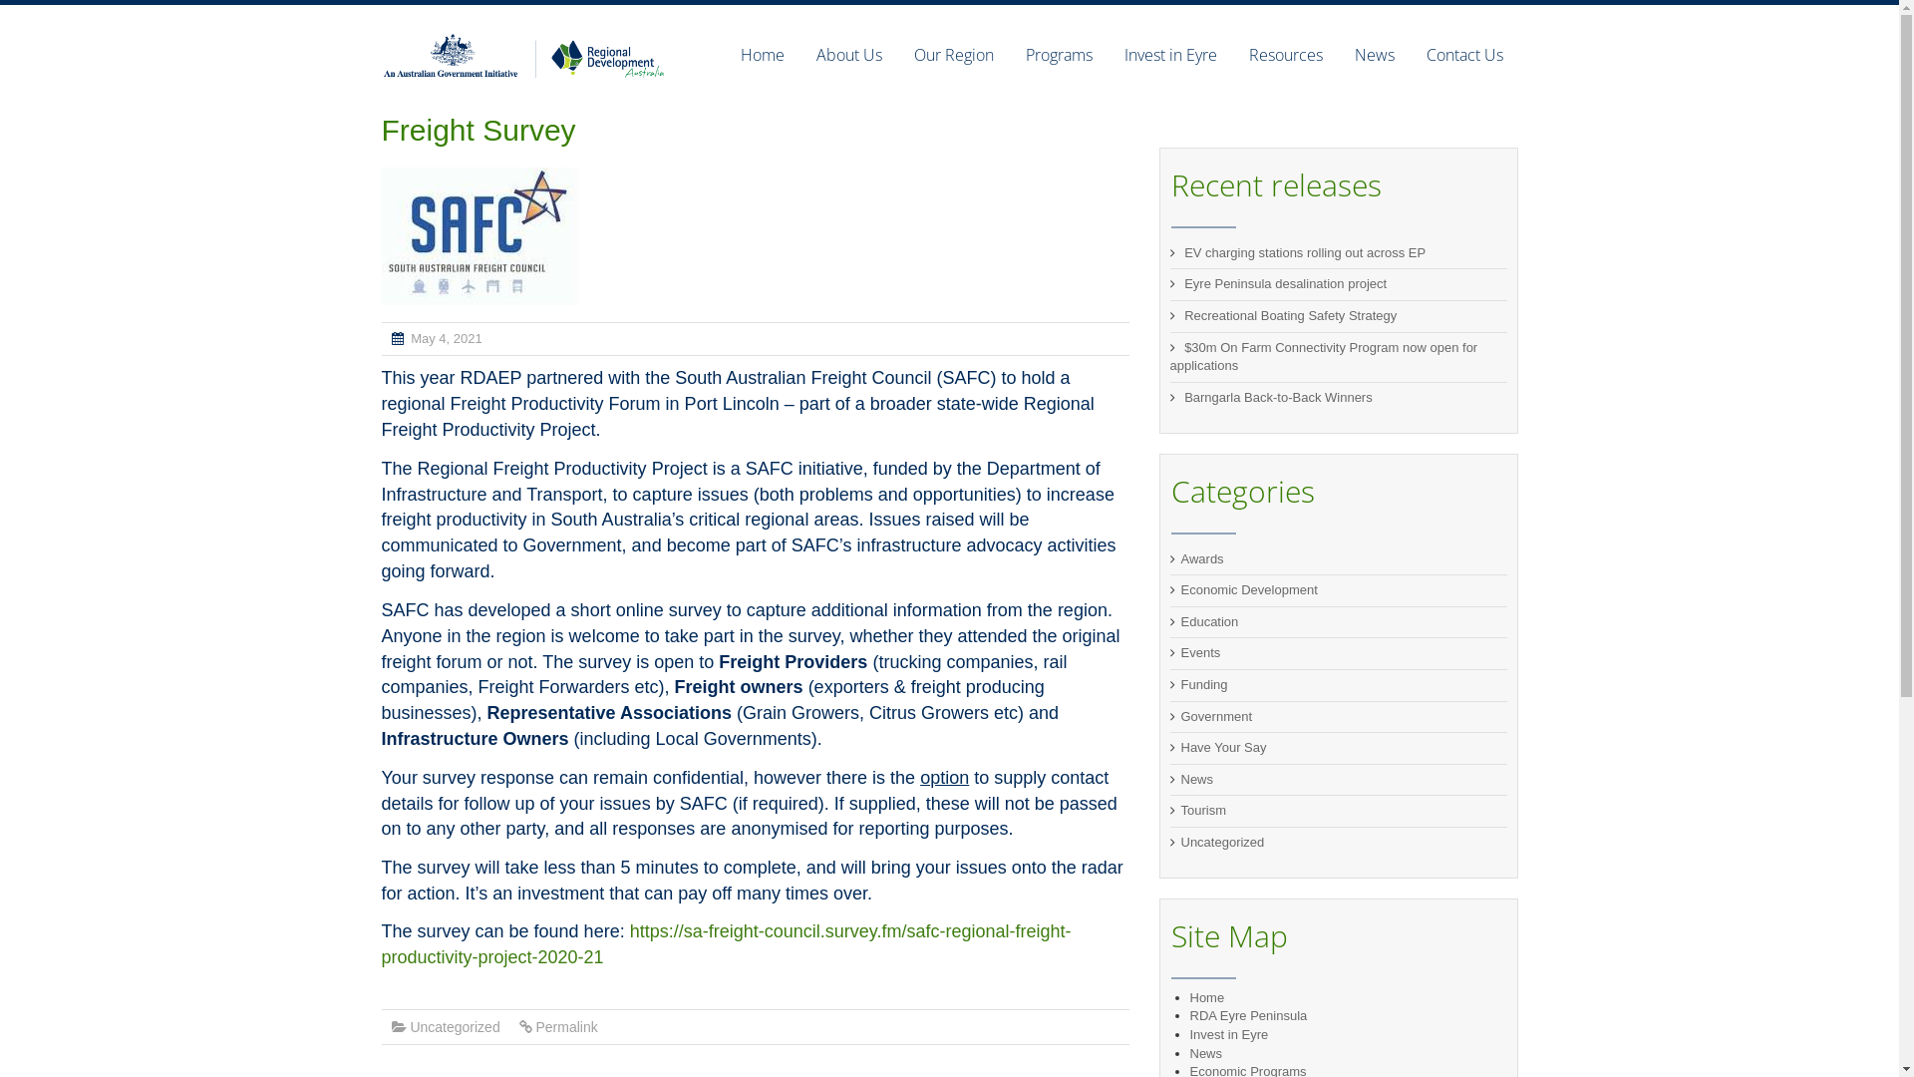 The image size is (1914, 1077). Describe the element at coordinates (1057, 53) in the screenshot. I see `'Programs'` at that location.